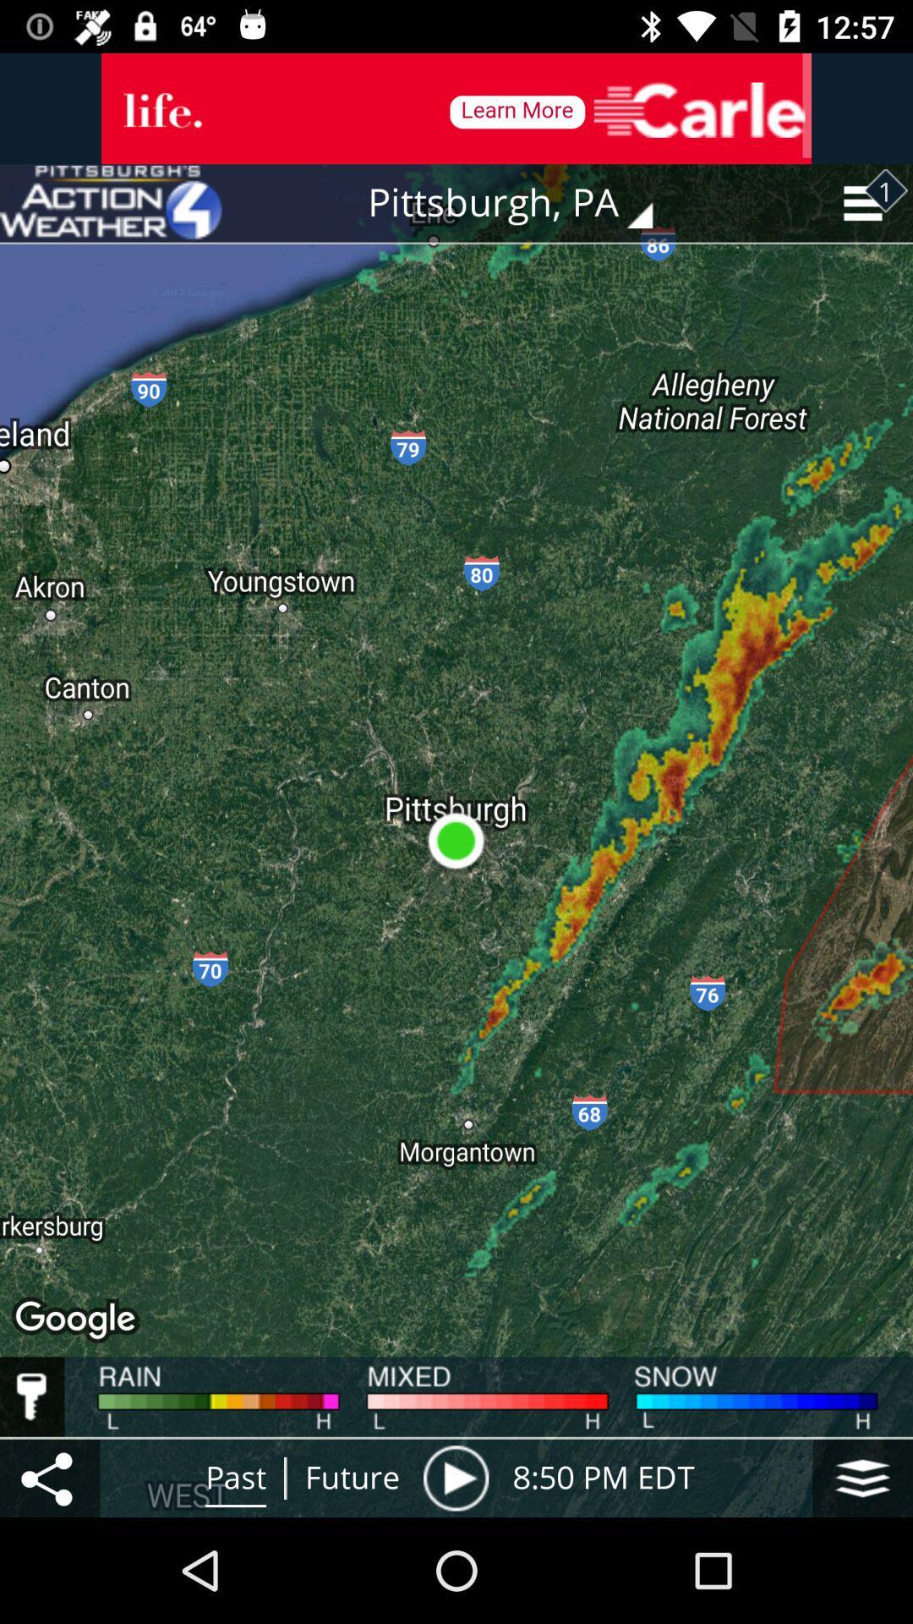 The image size is (913, 1624). I want to click on icon next to 8 50 pm item, so click(455, 1477).